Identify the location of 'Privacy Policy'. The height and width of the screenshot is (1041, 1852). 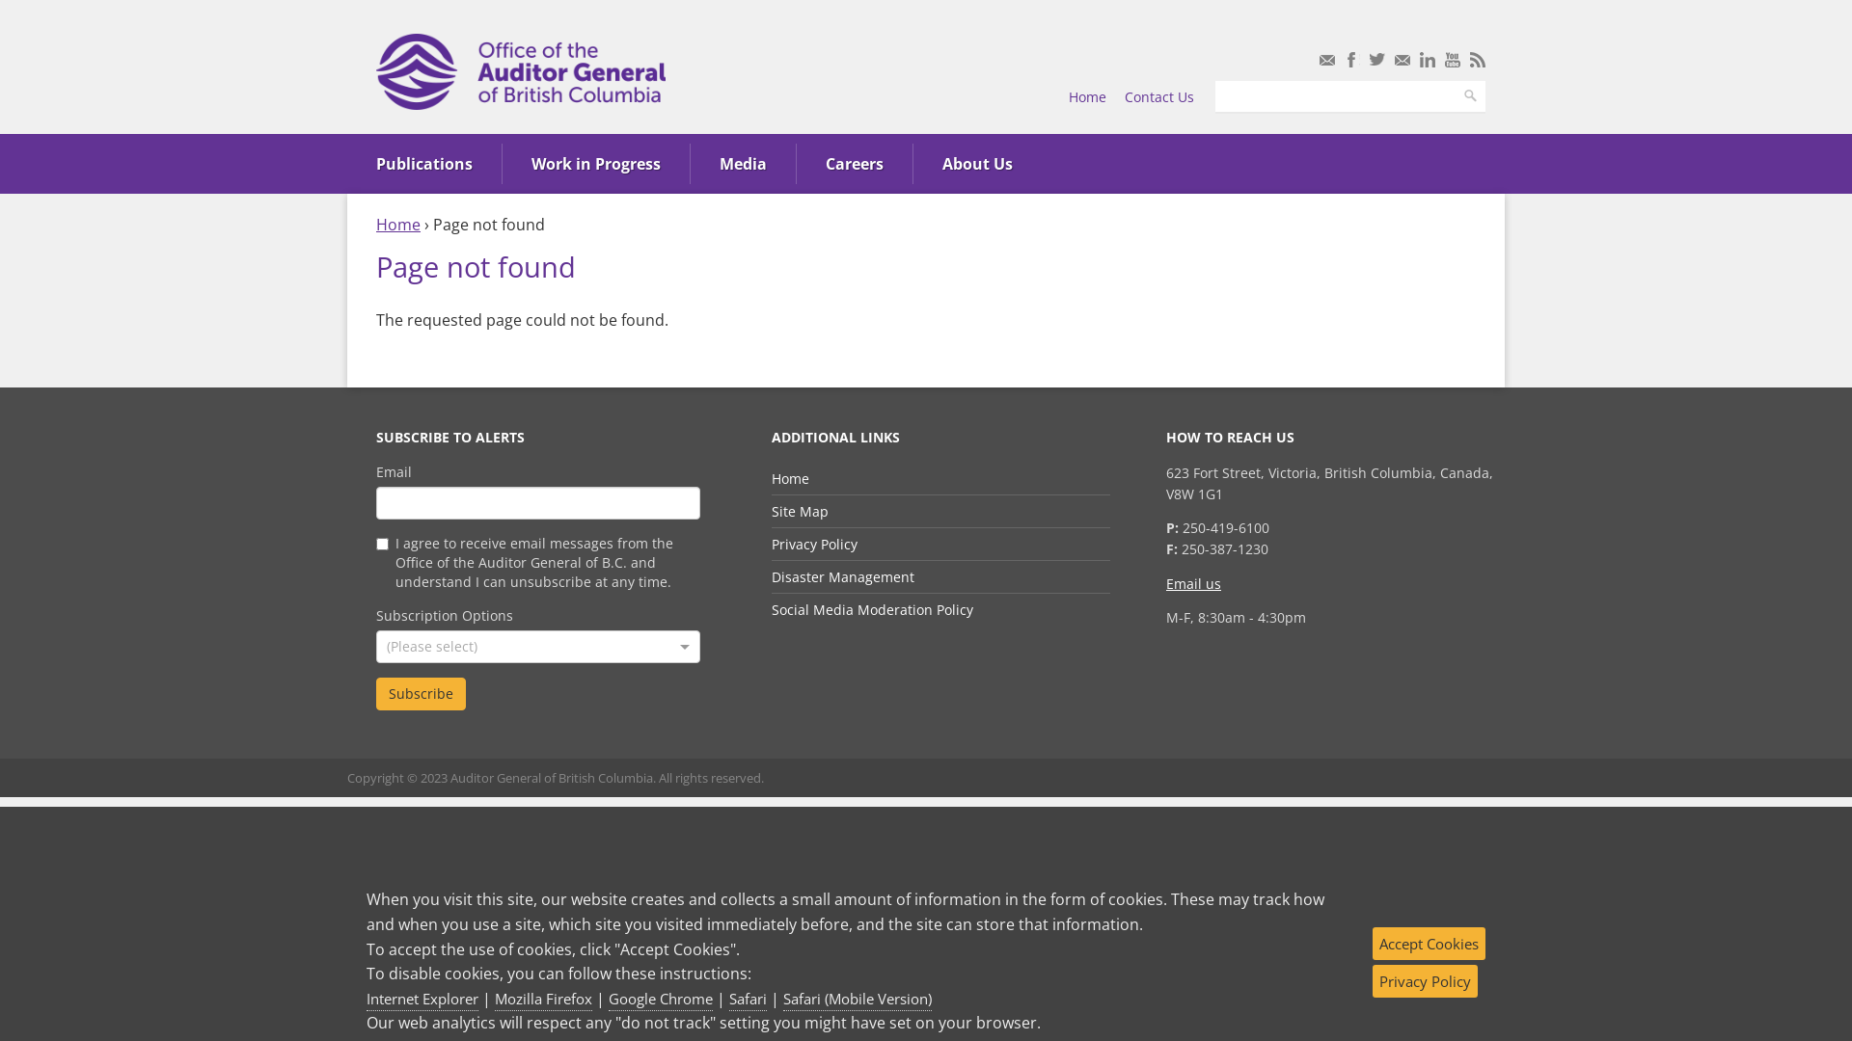
(1425, 981).